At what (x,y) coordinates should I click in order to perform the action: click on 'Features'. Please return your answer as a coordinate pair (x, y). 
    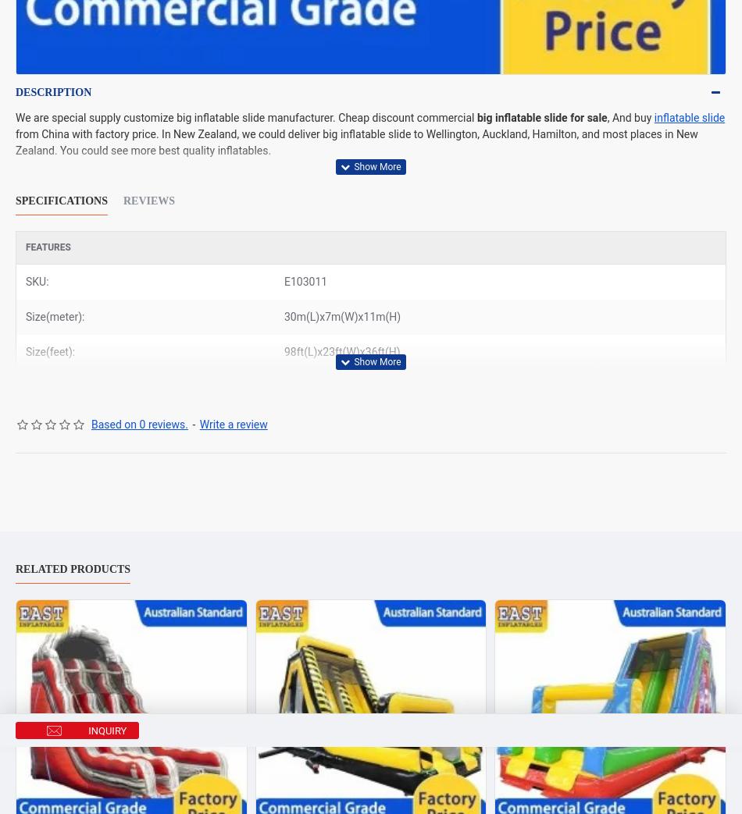
    Looking at the image, I should click on (48, 246).